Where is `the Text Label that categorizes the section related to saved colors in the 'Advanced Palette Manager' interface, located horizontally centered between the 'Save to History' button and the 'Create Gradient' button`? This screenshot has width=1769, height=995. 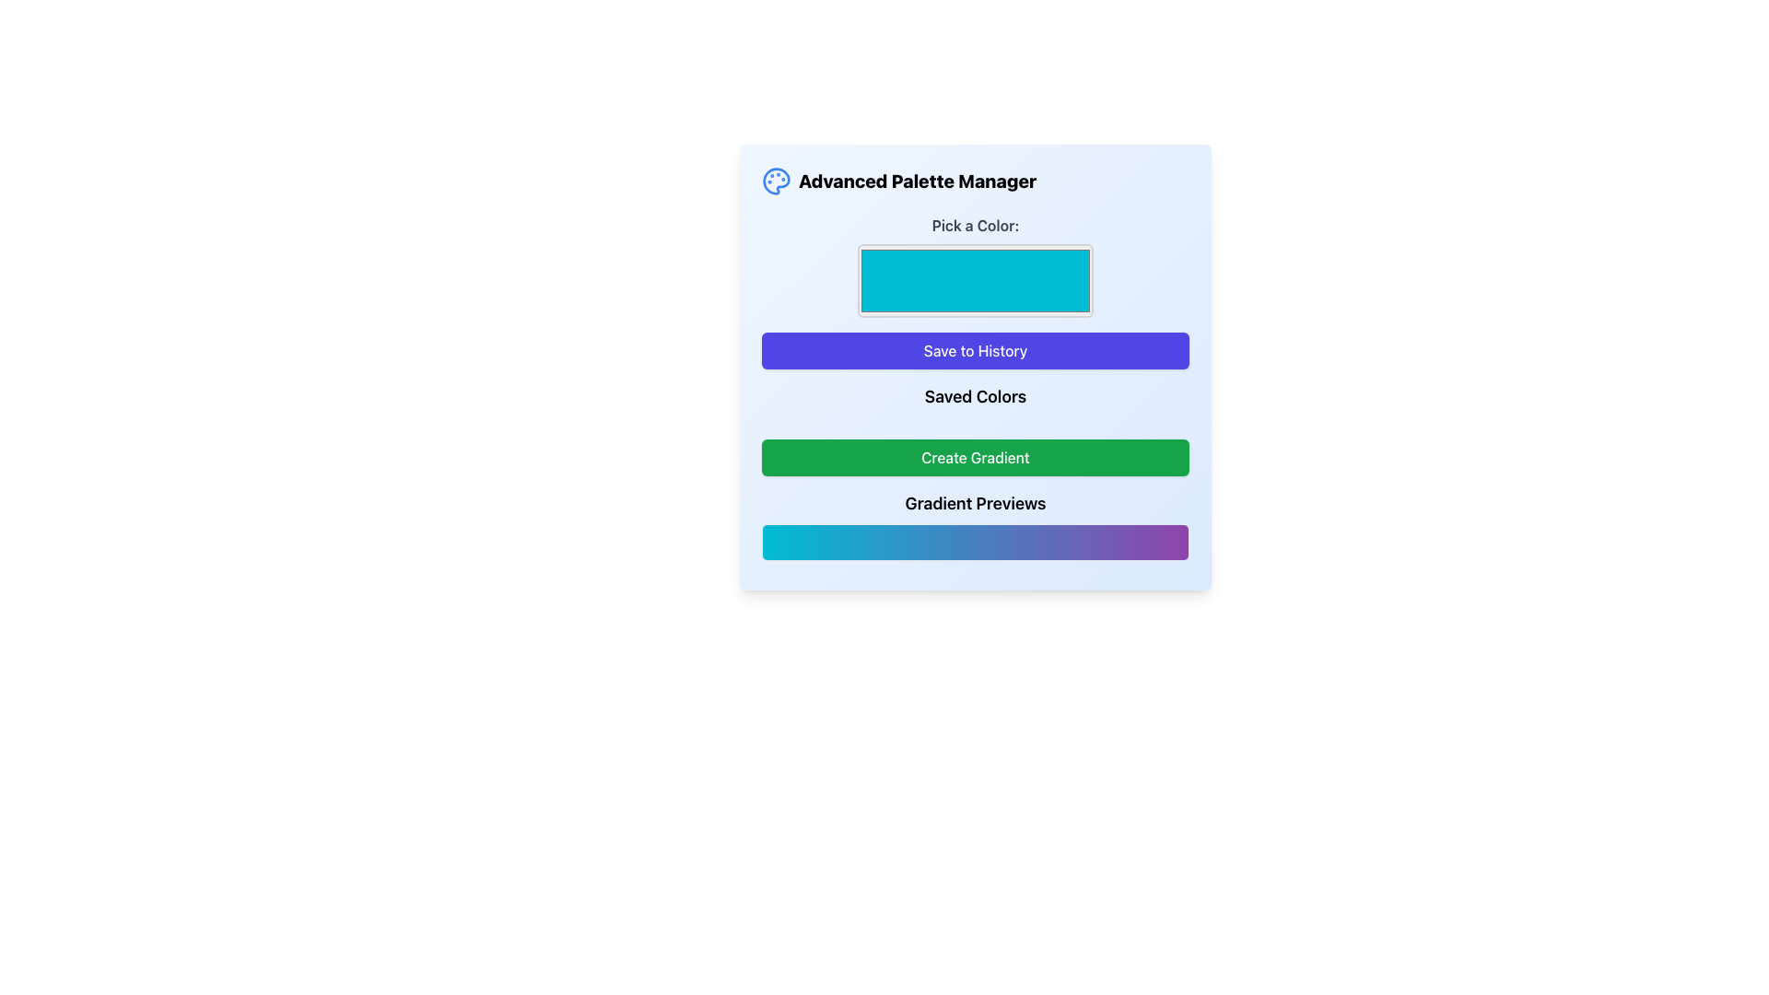 the Text Label that categorizes the section related to saved colors in the 'Advanced Palette Manager' interface, located horizontally centered between the 'Save to History' button and the 'Create Gradient' button is located at coordinates (975, 400).